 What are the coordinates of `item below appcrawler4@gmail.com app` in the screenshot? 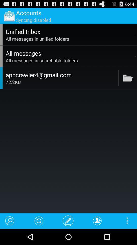 It's located at (61, 82).